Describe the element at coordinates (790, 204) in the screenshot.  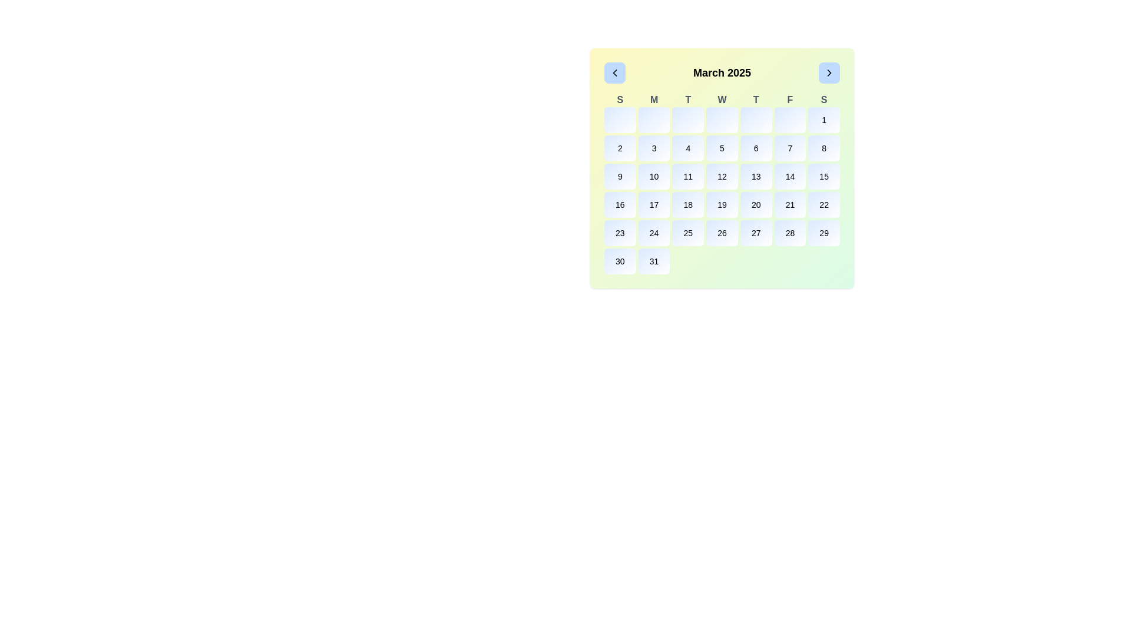
I see `the small rectangular button with the text '21' at its center` at that location.